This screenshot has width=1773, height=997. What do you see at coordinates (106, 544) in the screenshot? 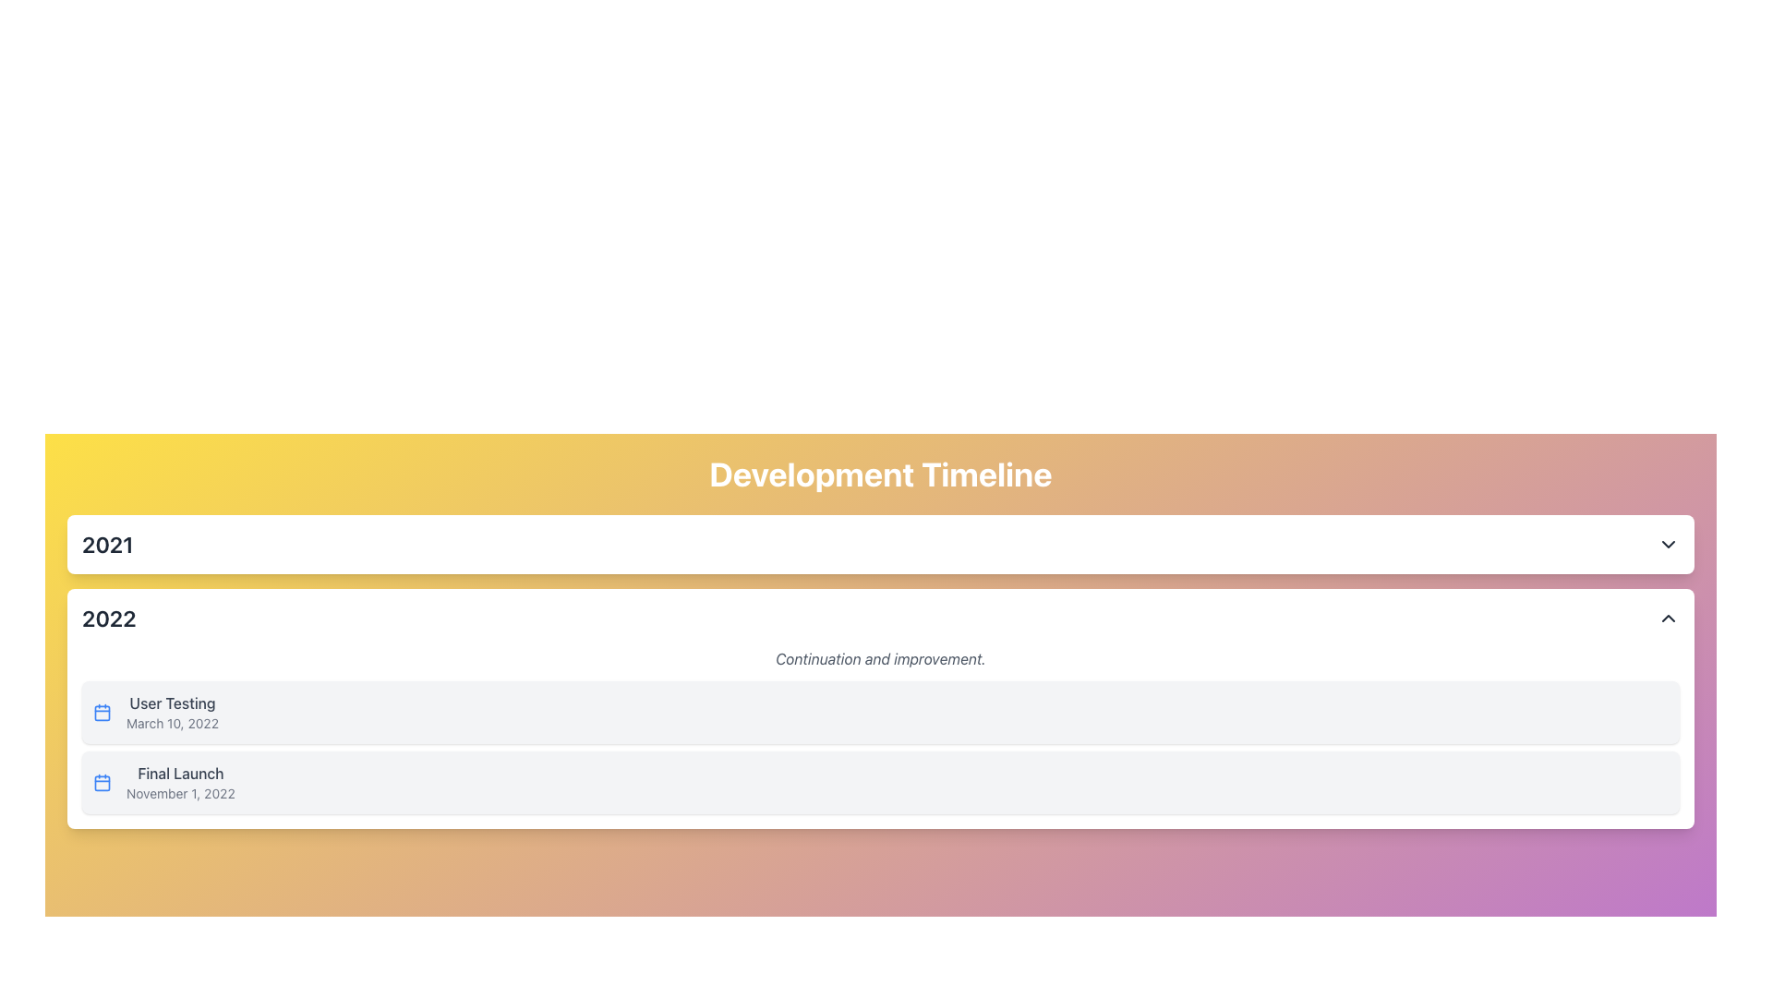
I see `the static text label displaying '2021', which is styled in bold, dark gray font on a white background, positioned in the left segment of the header above the timeline section` at bounding box center [106, 544].